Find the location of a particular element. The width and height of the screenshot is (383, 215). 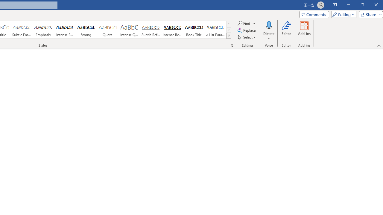

'Quote' is located at coordinates (107, 30).